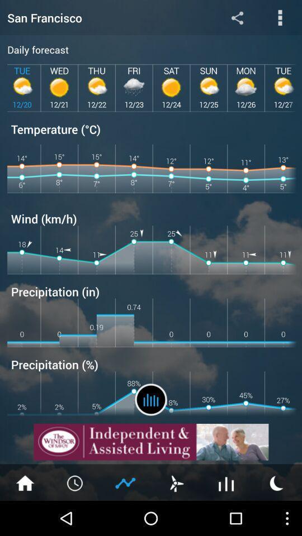 The image size is (302, 536). What do you see at coordinates (151, 442) in the screenshot?
I see `the advertisement` at bounding box center [151, 442].